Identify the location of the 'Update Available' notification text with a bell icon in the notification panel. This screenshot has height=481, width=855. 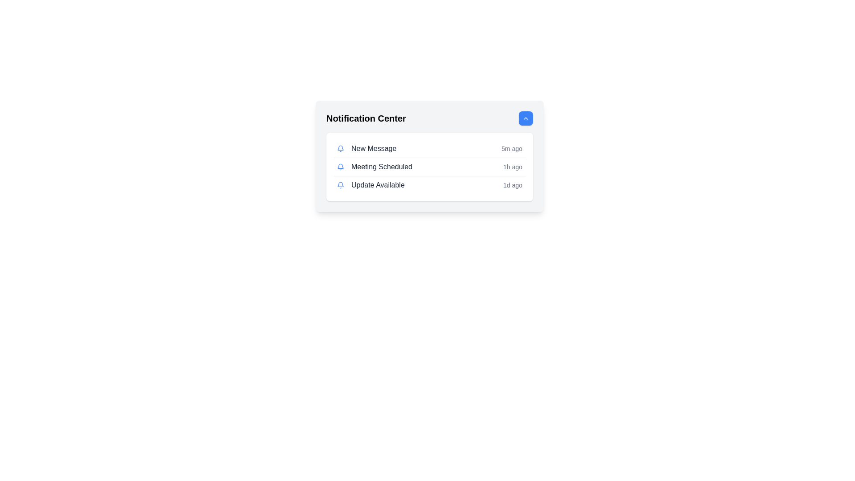
(370, 185).